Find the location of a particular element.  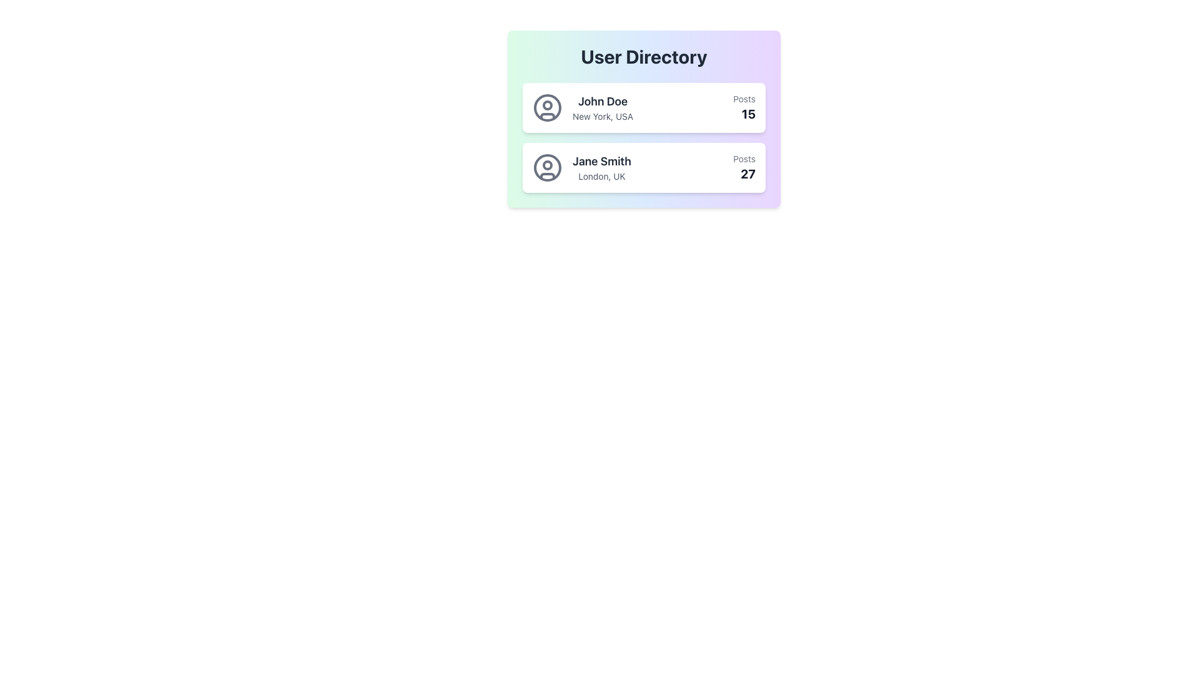

the text label displaying the number '15' in bold, dark gray color located beneath the 'Posts' label in the top user information section is located at coordinates (744, 114).